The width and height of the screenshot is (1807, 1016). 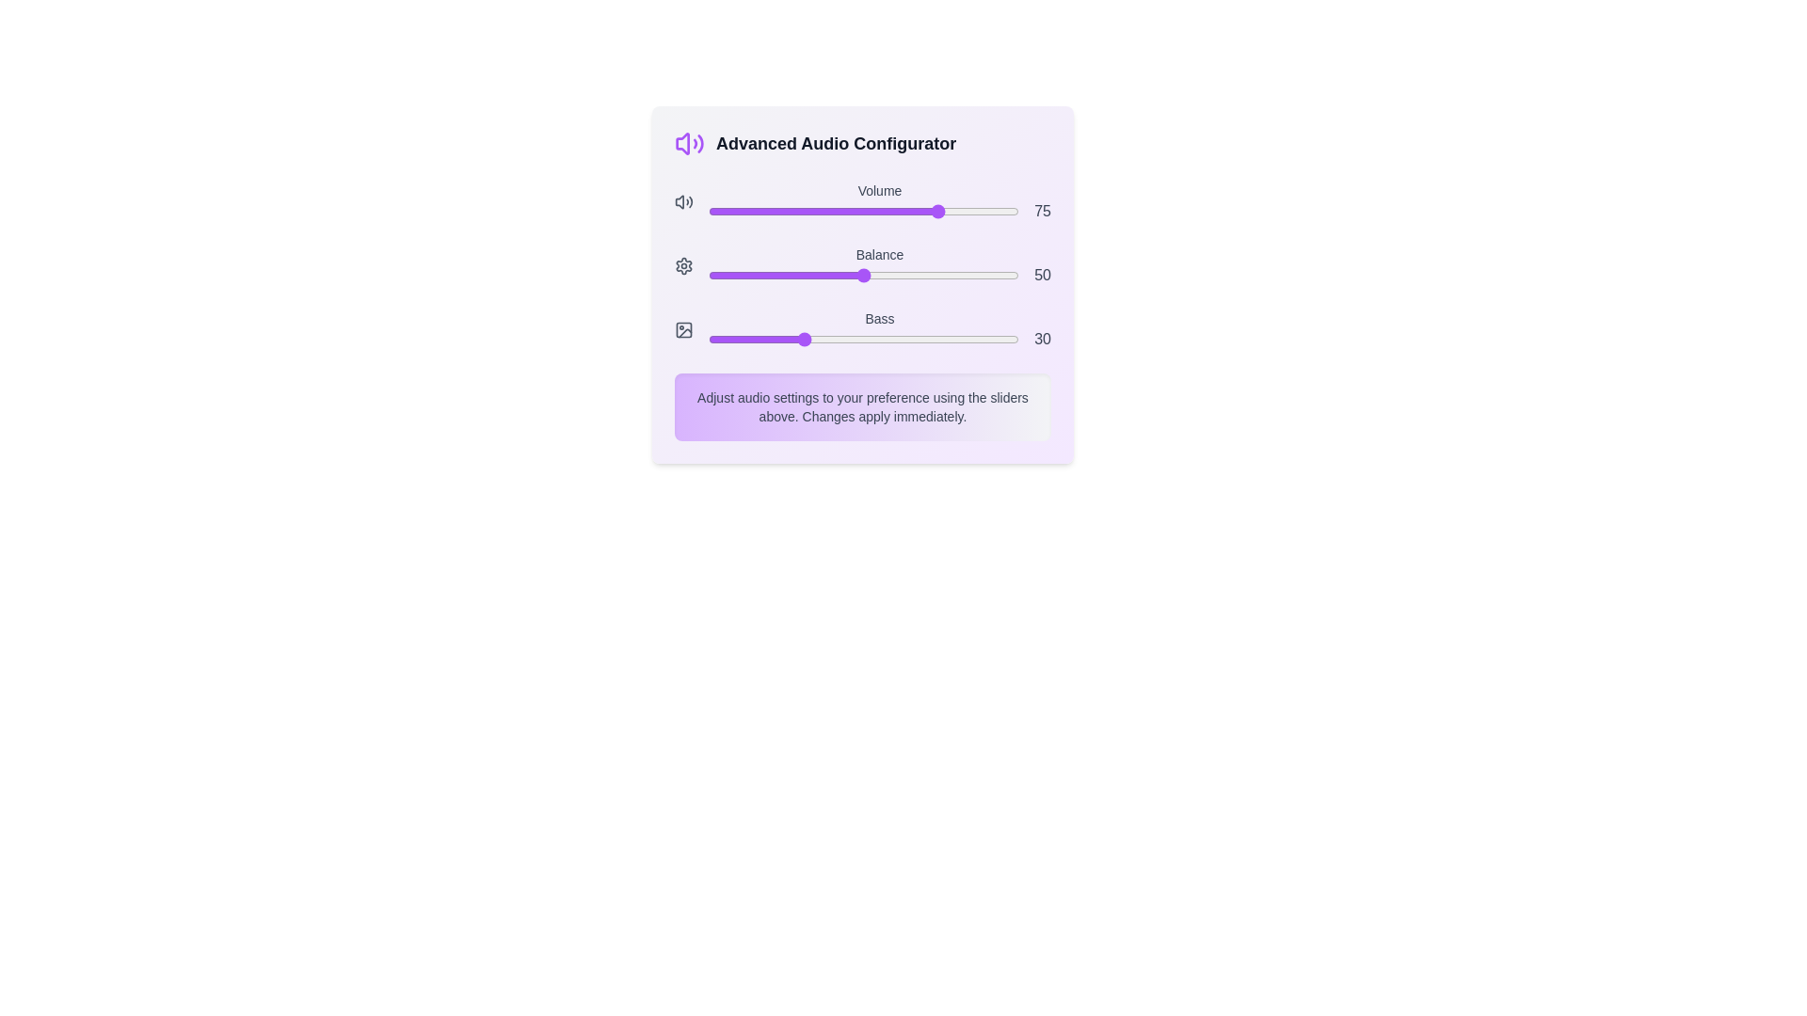 I want to click on the Bass slider to 26, so click(x=789, y=340).